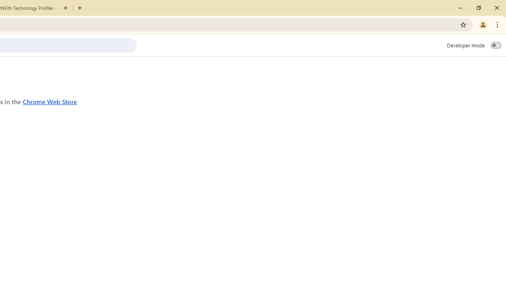 The height and width of the screenshot is (284, 506). What do you see at coordinates (496, 45) in the screenshot?
I see `'Developer mode'` at bounding box center [496, 45].